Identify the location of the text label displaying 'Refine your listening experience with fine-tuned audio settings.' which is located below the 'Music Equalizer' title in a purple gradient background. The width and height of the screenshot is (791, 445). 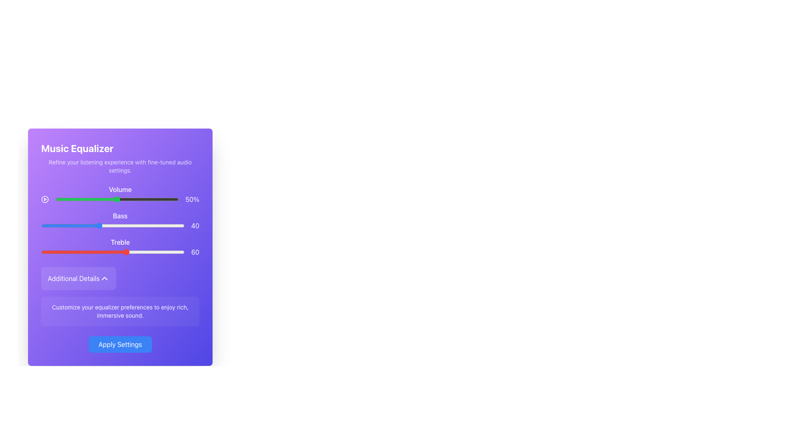
(120, 166).